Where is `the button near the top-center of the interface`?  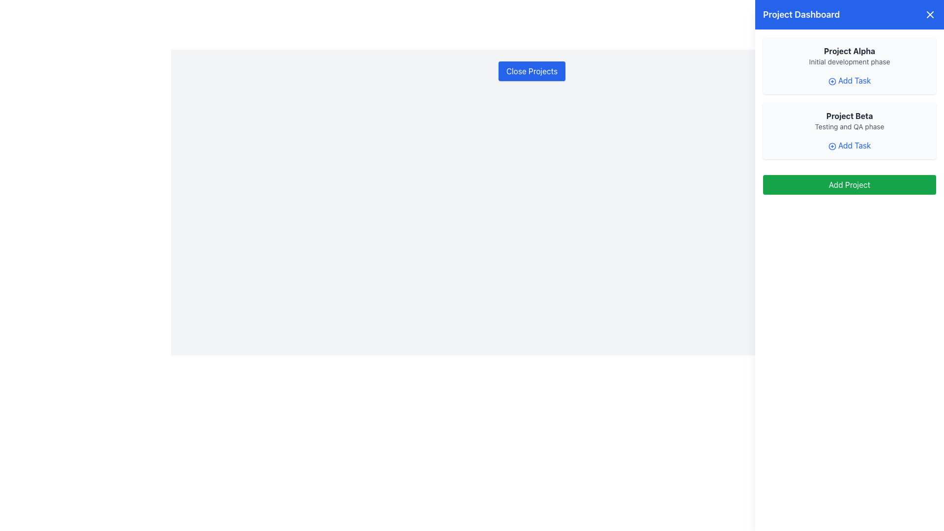 the button near the top-center of the interface is located at coordinates (531, 71).